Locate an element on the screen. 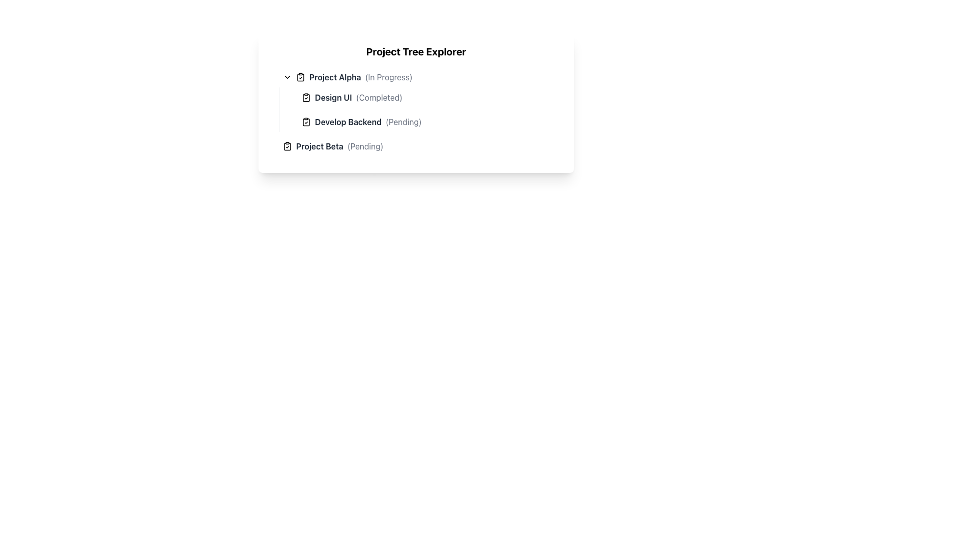 Image resolution: width=977 pixels, height=549 pixels. the first task item in the 'Project Alpha (In Progress)' section is located at coordinates (425, 98).